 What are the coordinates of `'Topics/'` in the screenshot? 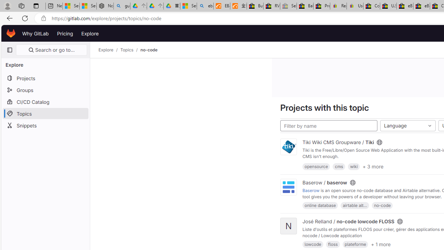 It's located at (130, 50).